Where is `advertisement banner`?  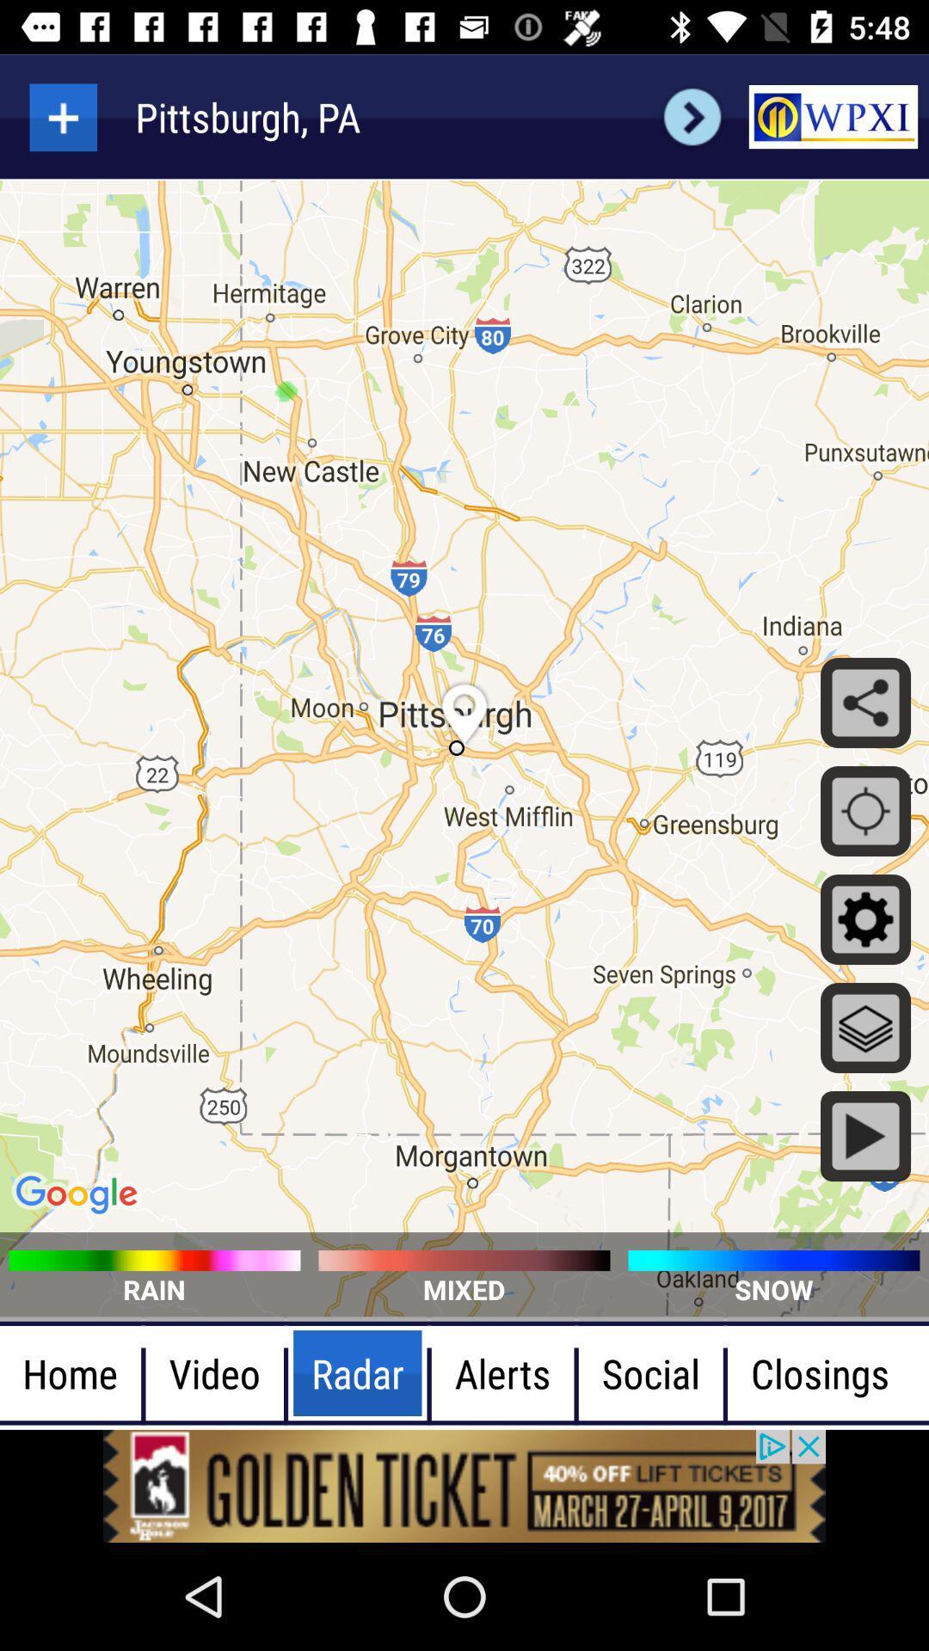 advertisement banner is located at coordinates (464, 1485).